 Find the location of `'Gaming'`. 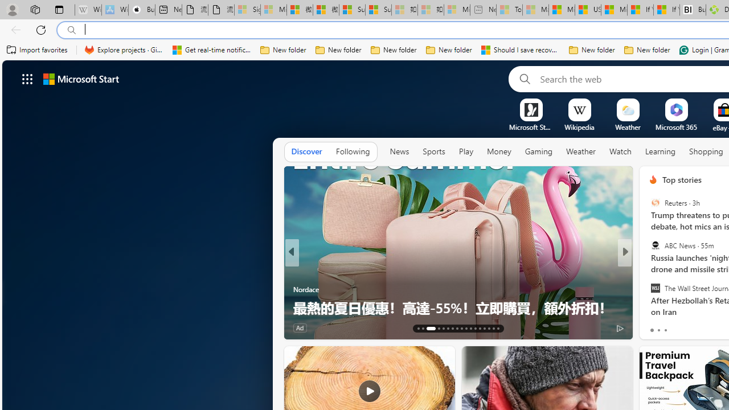

'Gaming' is located at coordinates (538, 151).